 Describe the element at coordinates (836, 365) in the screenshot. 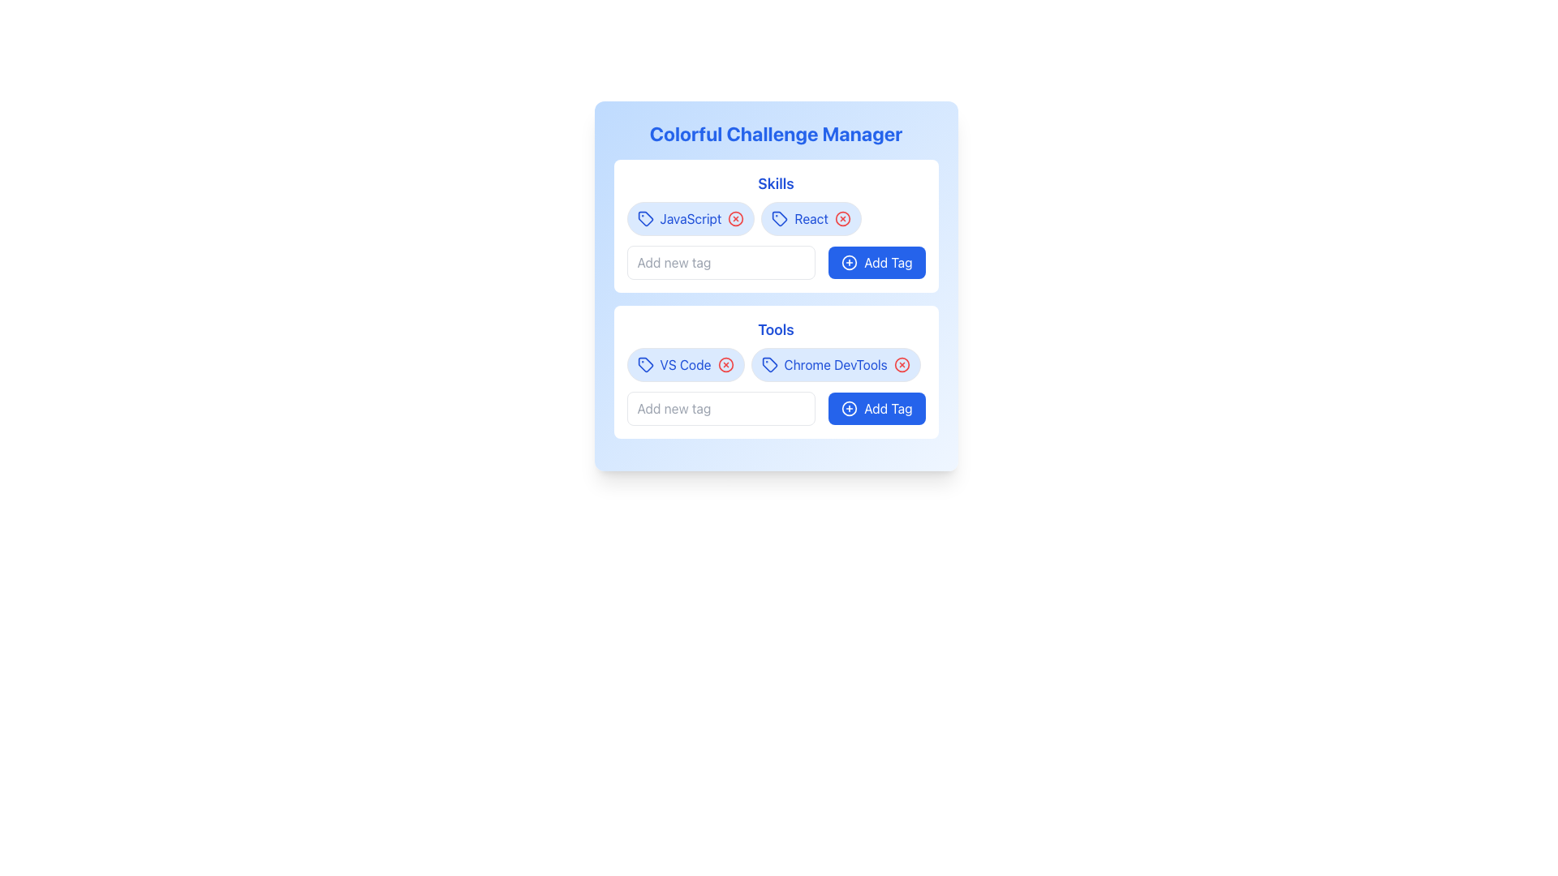

I see `the rounded rectangular tag labeled 'Chrome DevTools' with a light blue background and blue text, which includes an icon on the left and a red close button on the right` at that location.